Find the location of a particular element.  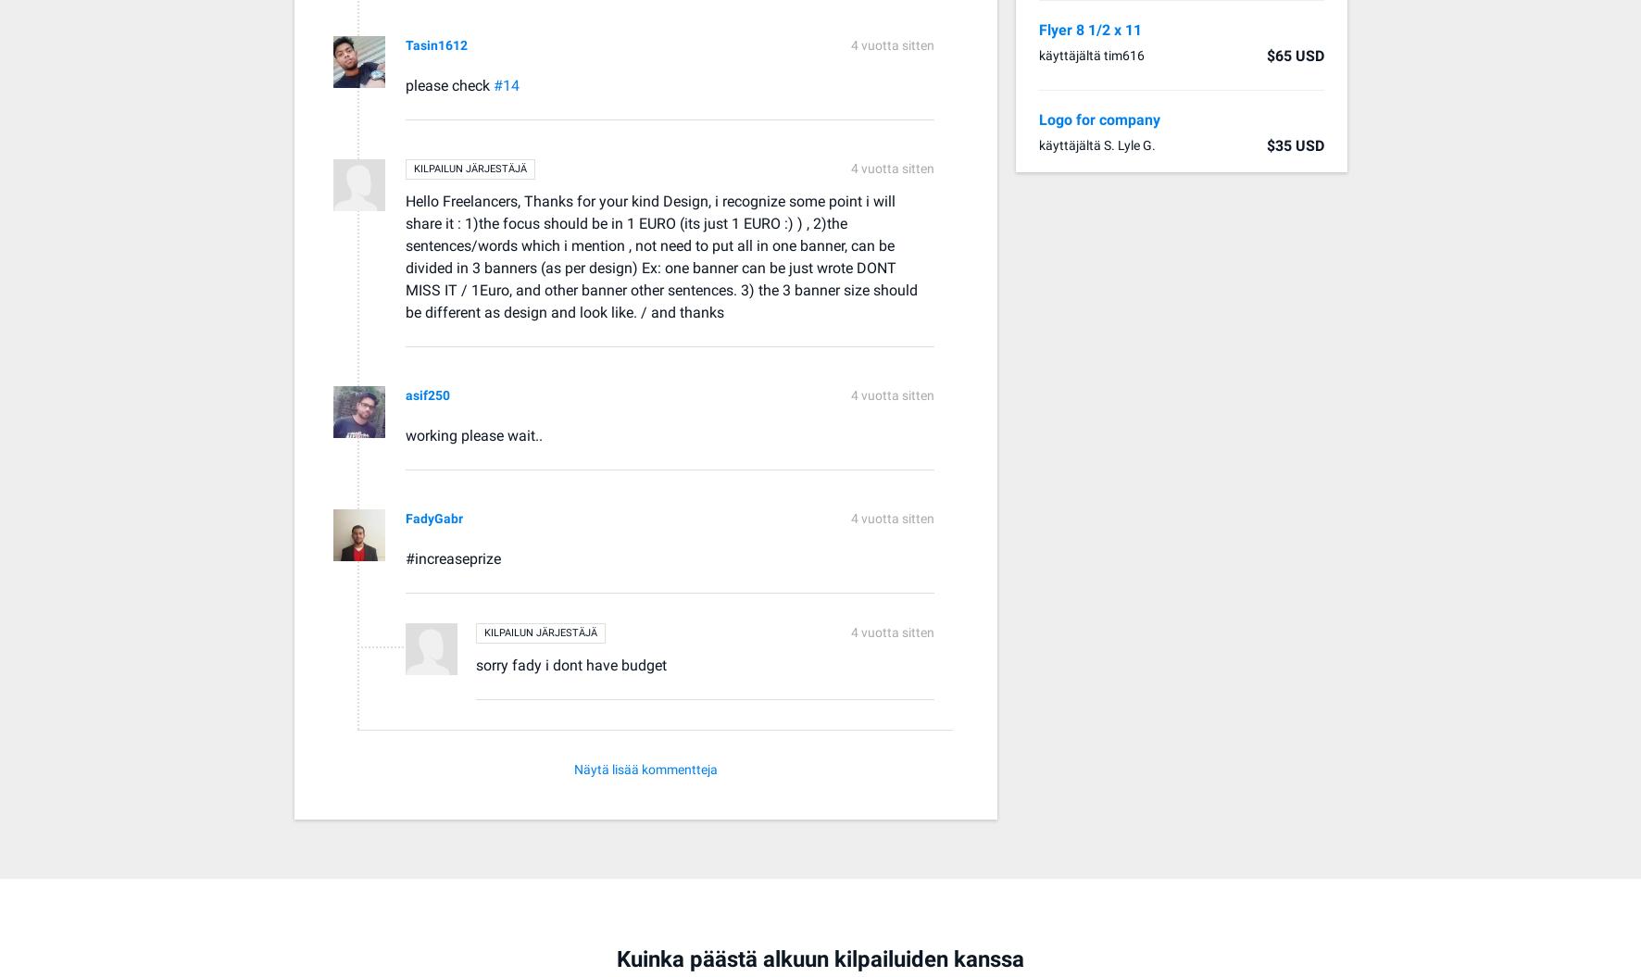

'asif250' is located at coordinates (406, 394).